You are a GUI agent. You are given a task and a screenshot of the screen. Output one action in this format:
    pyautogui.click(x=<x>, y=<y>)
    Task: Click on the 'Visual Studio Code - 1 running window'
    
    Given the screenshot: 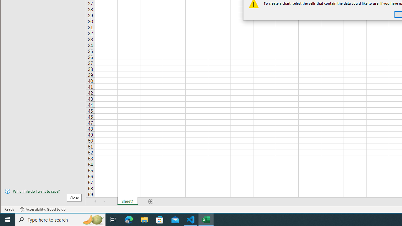 What is the action you would take?
    pyautogui.click(x=190, y=219)
    